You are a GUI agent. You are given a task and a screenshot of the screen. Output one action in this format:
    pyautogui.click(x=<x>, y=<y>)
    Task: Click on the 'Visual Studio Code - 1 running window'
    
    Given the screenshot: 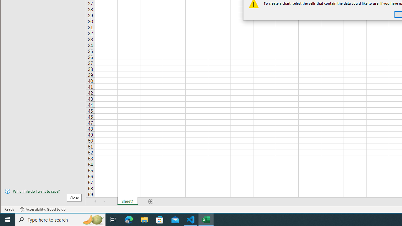 What is the action you would take?
    pyautogui.click(x=190, y=219)
    